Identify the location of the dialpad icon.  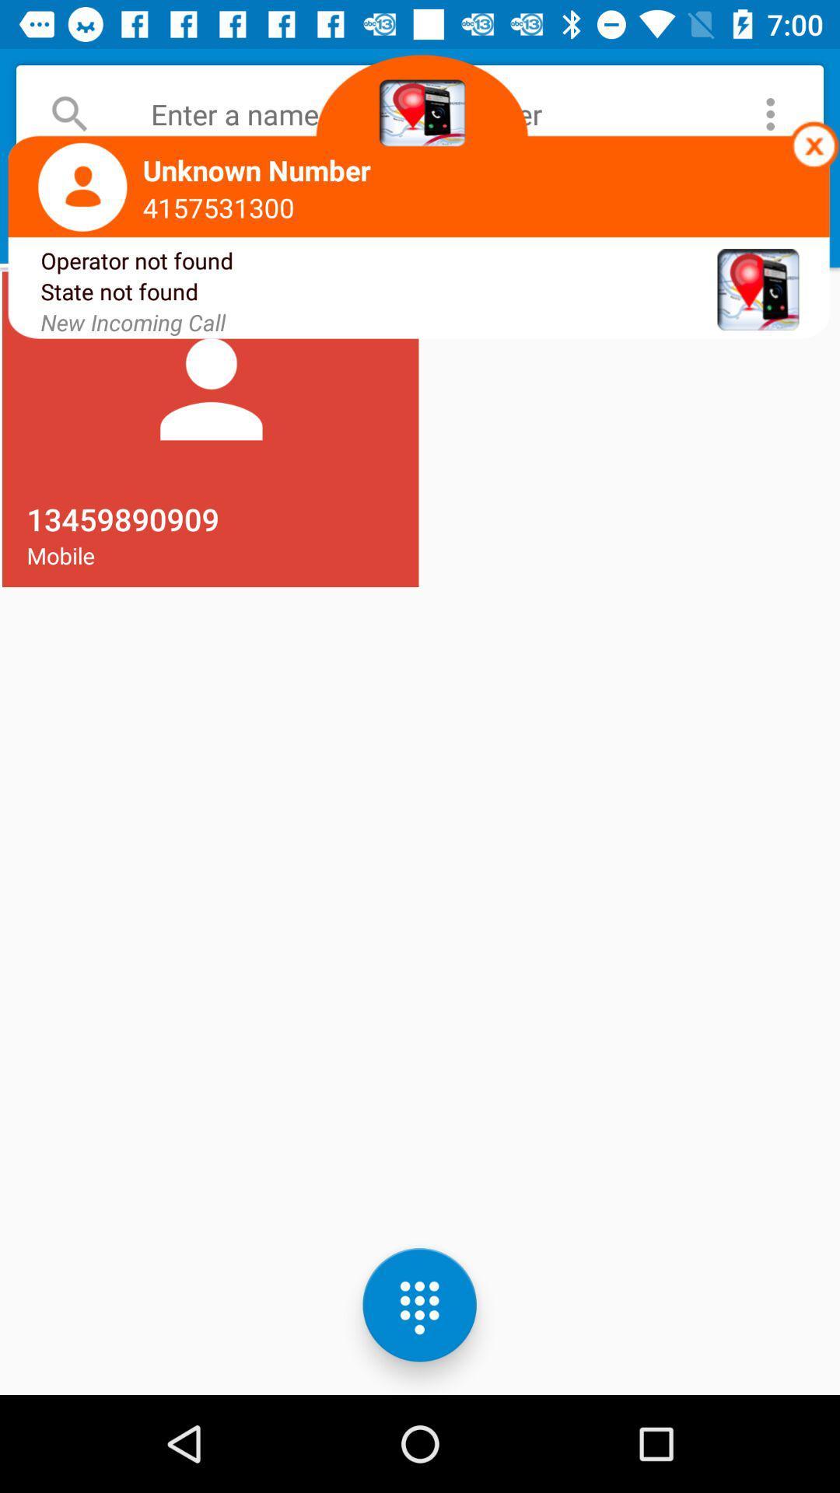
(420, 1305).